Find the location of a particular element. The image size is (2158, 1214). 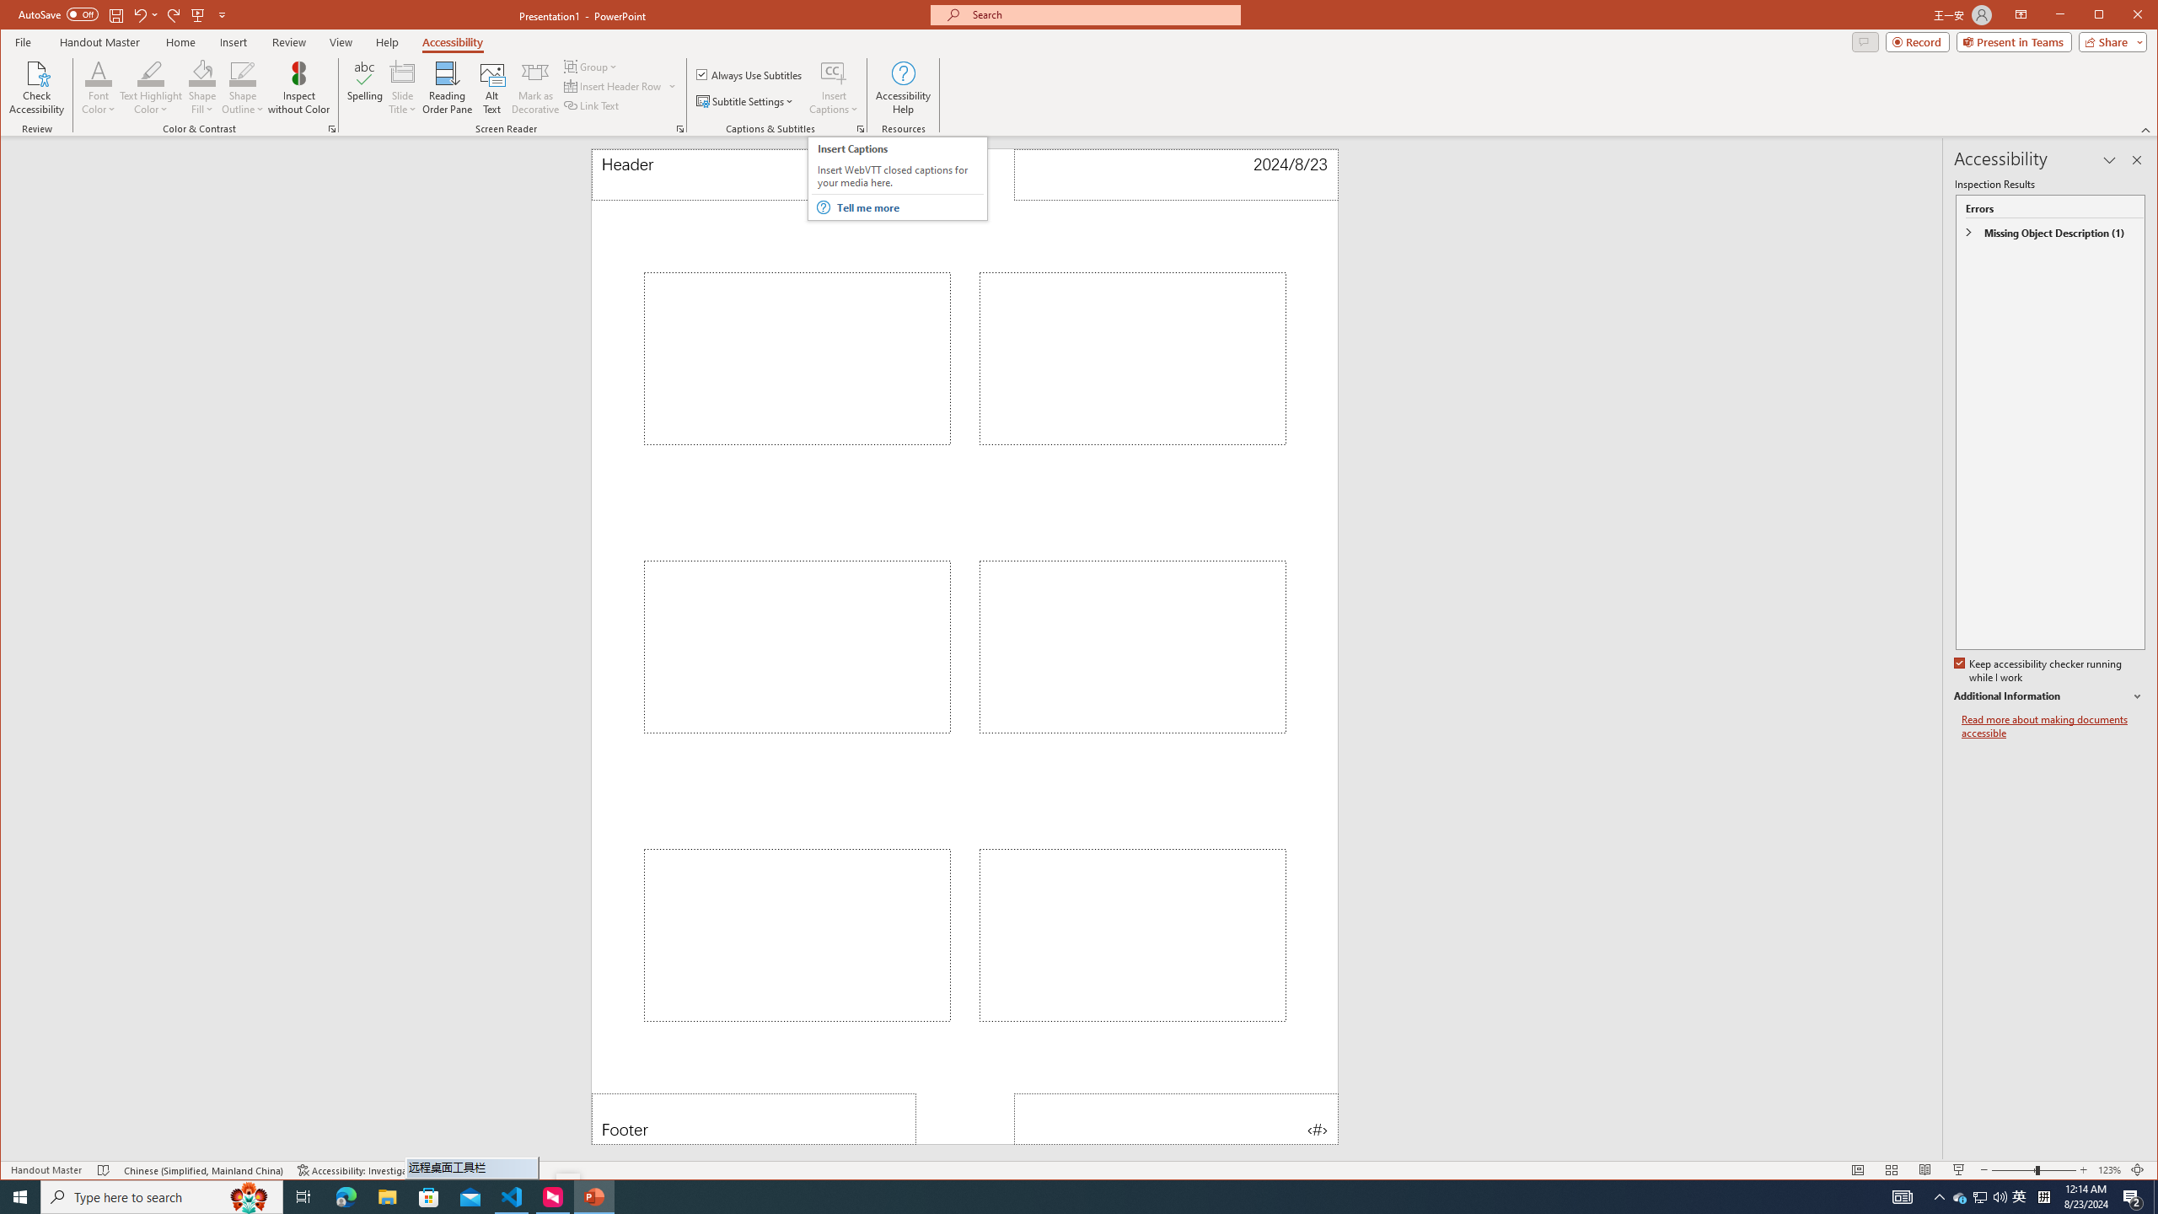

'Alt Text' is located at coordinates (491, 87).